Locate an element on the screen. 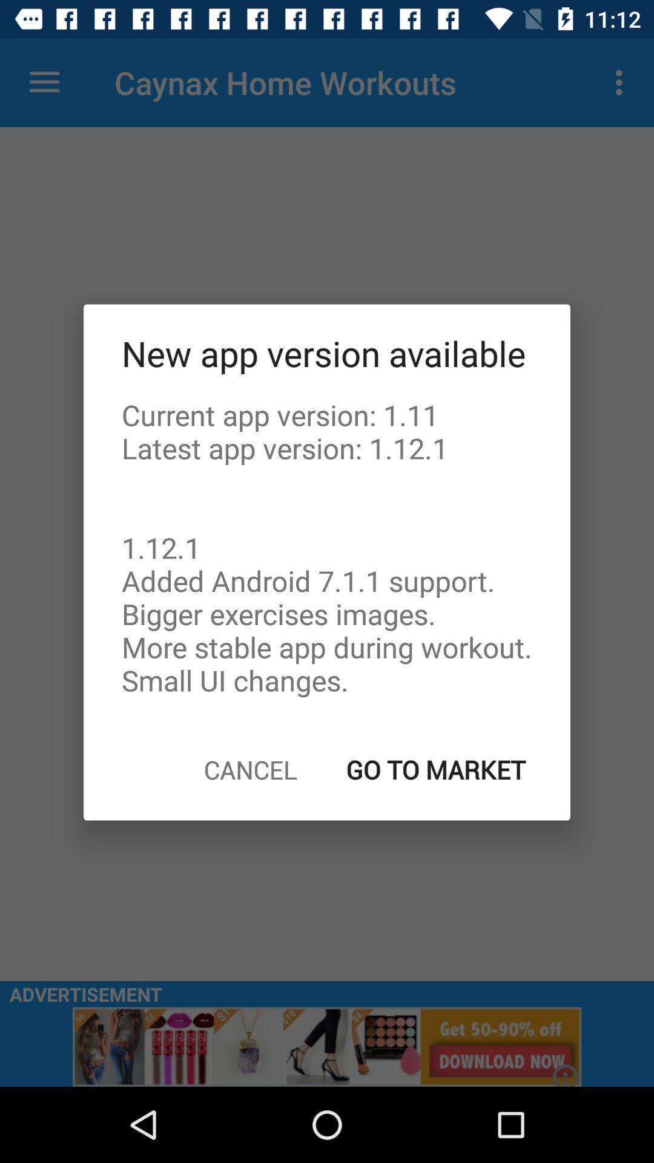 Image resolution: width=654 pixels, height=1163 pixels. the item below current app version icon is located at coordinates (436, 769).